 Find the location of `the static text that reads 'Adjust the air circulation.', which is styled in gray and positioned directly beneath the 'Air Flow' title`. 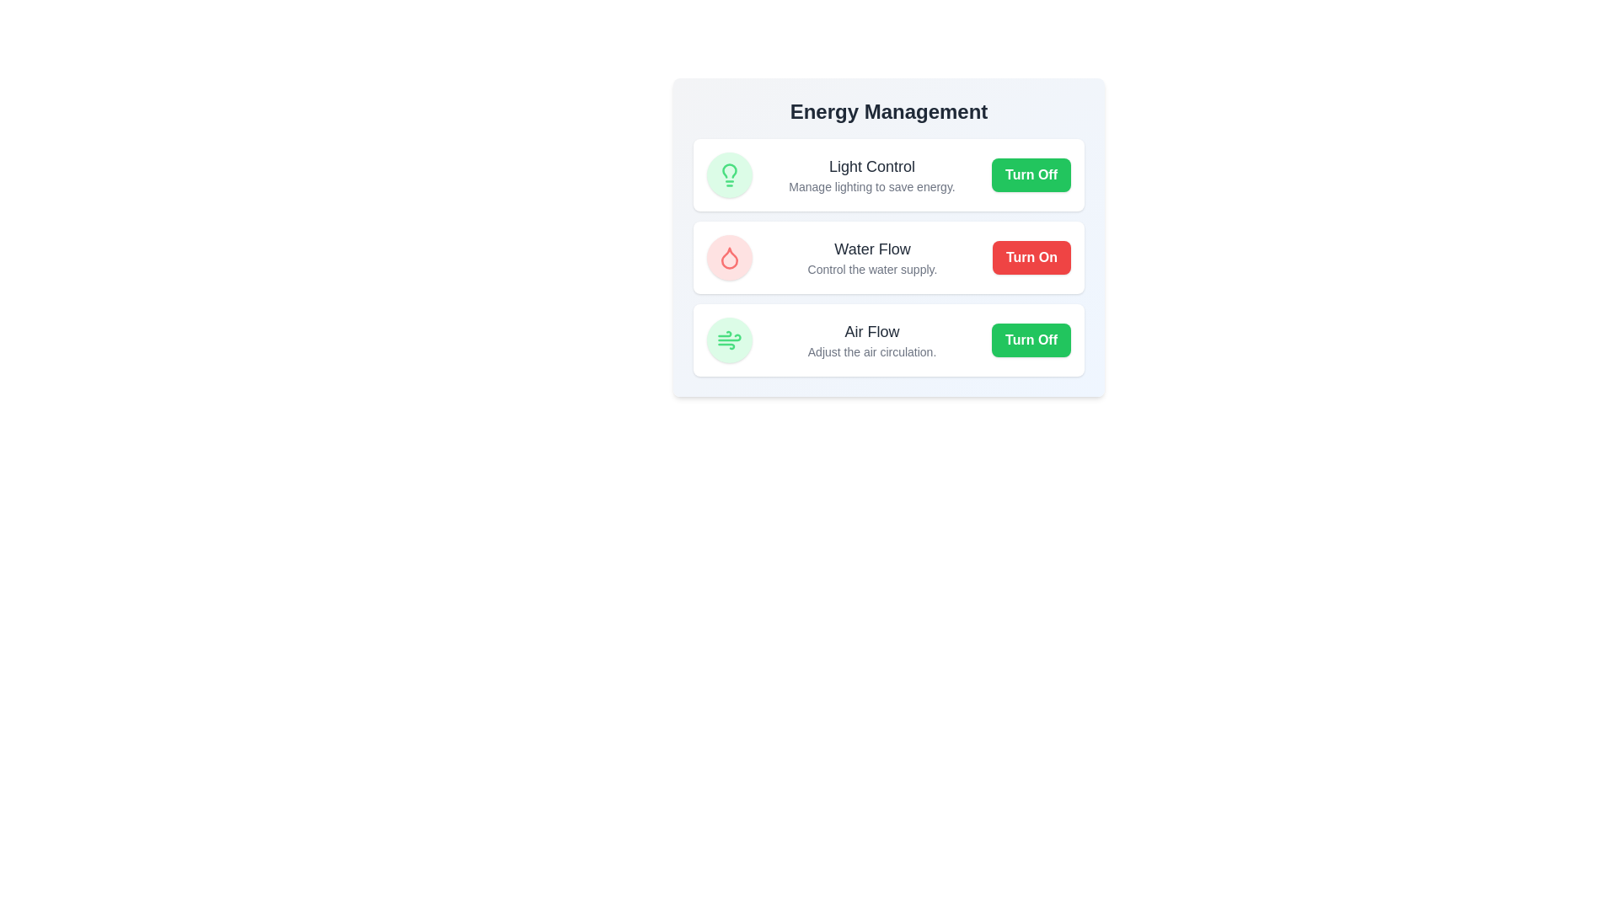

the static text that reads 'Adjust the air circulation.', which is styled in gray and positioned directly beneath the 'Air Flow' title is located at coordinates (872, 351).